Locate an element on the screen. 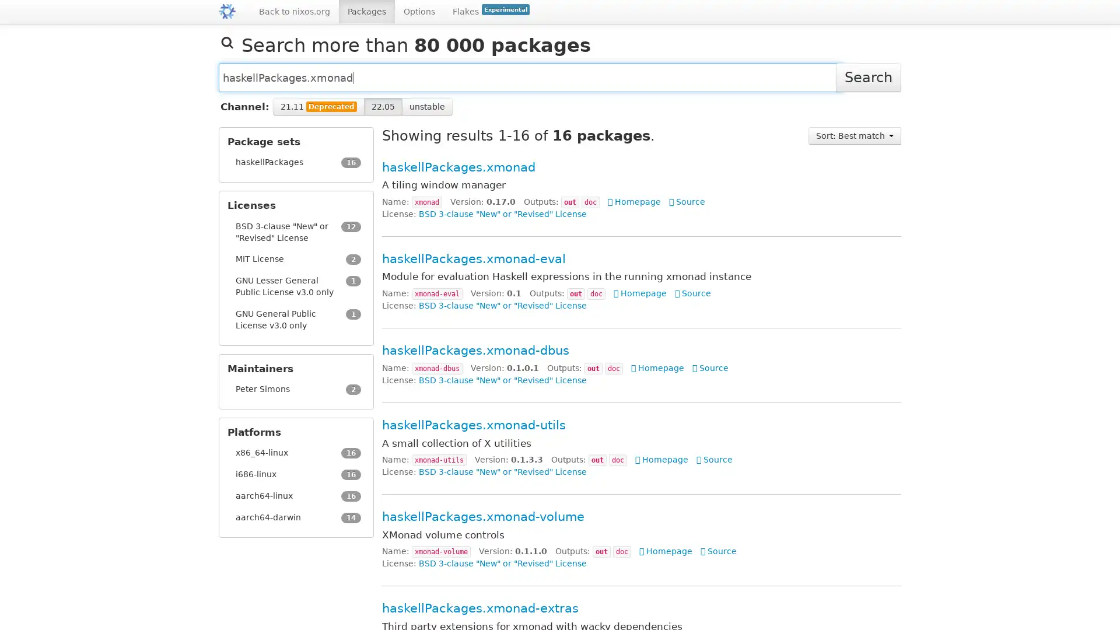 The image size is (1120, 630). Sort: Best match is located at coordinates (855, 135).